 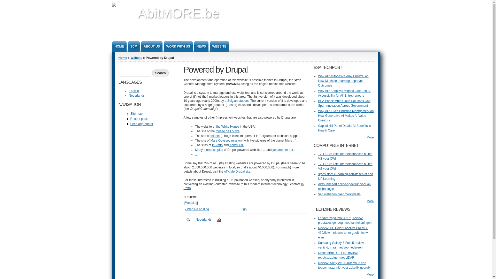 I want to click on 'yet another set', so click(x=282, y=150).